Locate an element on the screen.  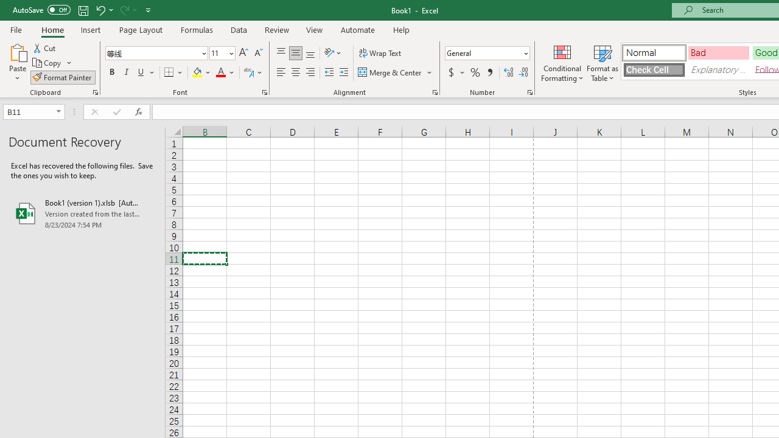
'Check Cell' is located at coordinates (653, 69).